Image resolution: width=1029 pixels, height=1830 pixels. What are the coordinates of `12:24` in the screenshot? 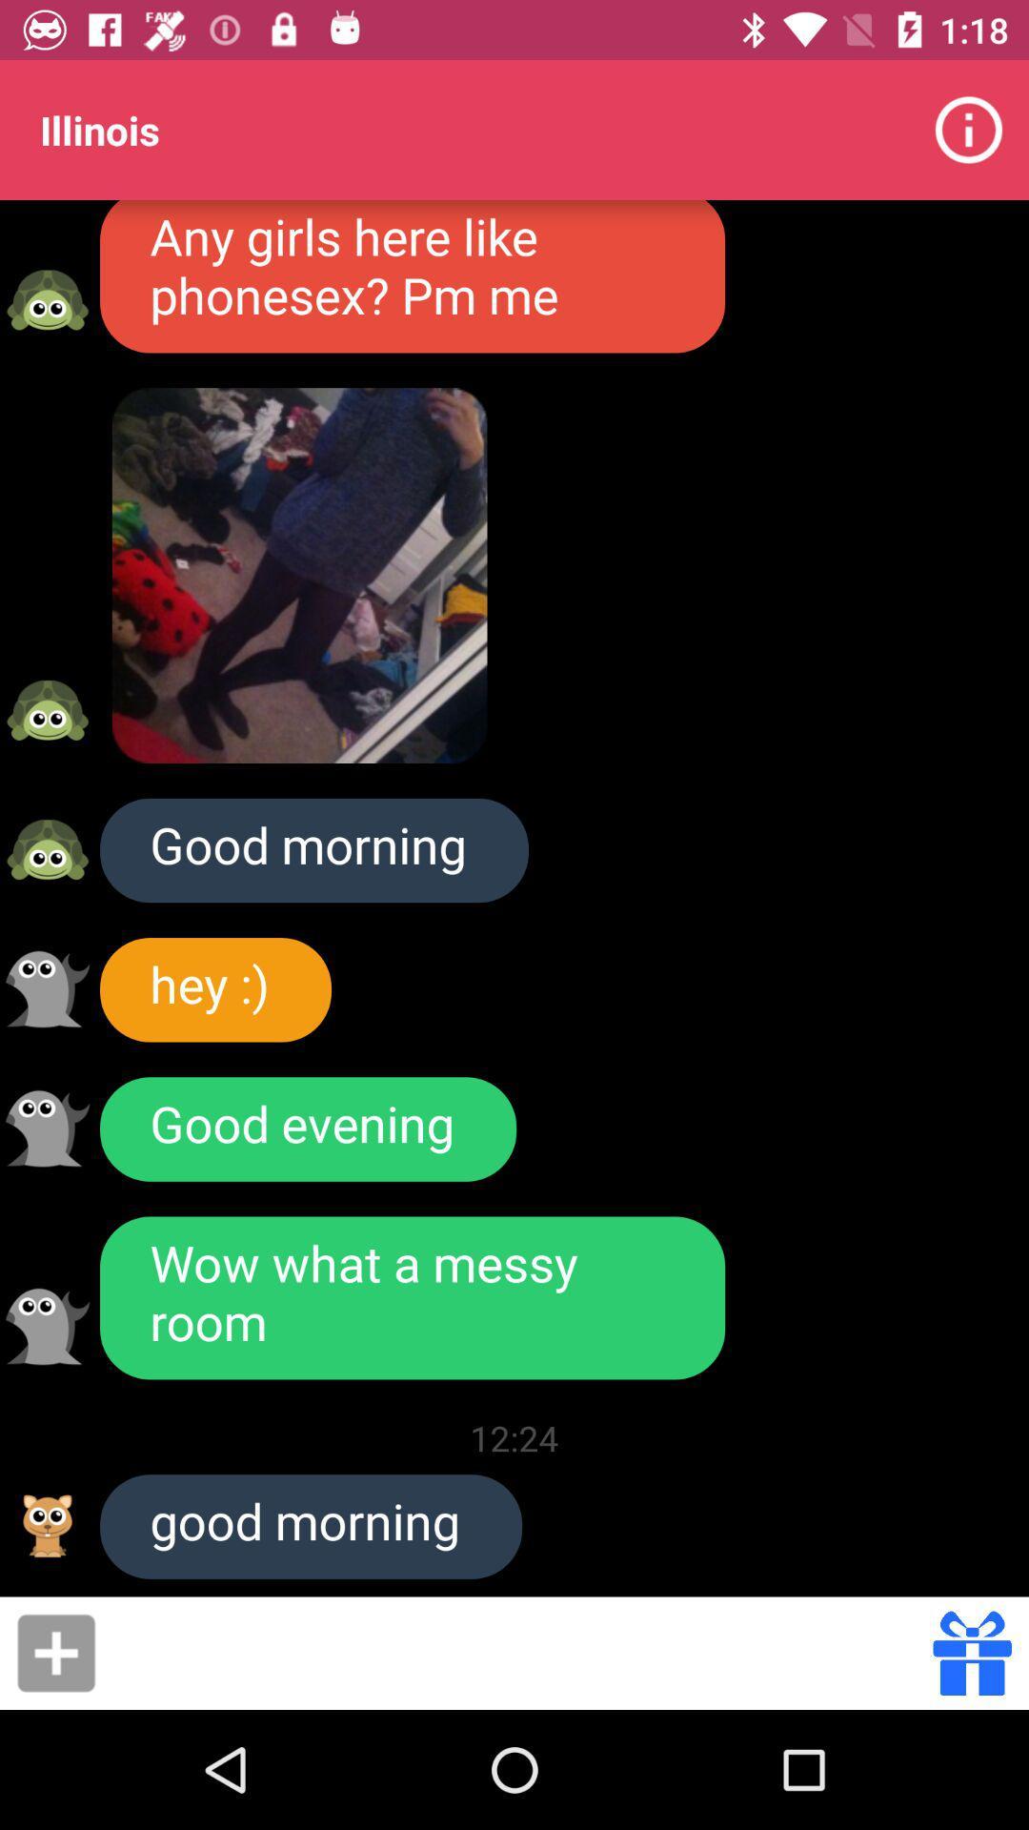 It's located at (514, 1437).